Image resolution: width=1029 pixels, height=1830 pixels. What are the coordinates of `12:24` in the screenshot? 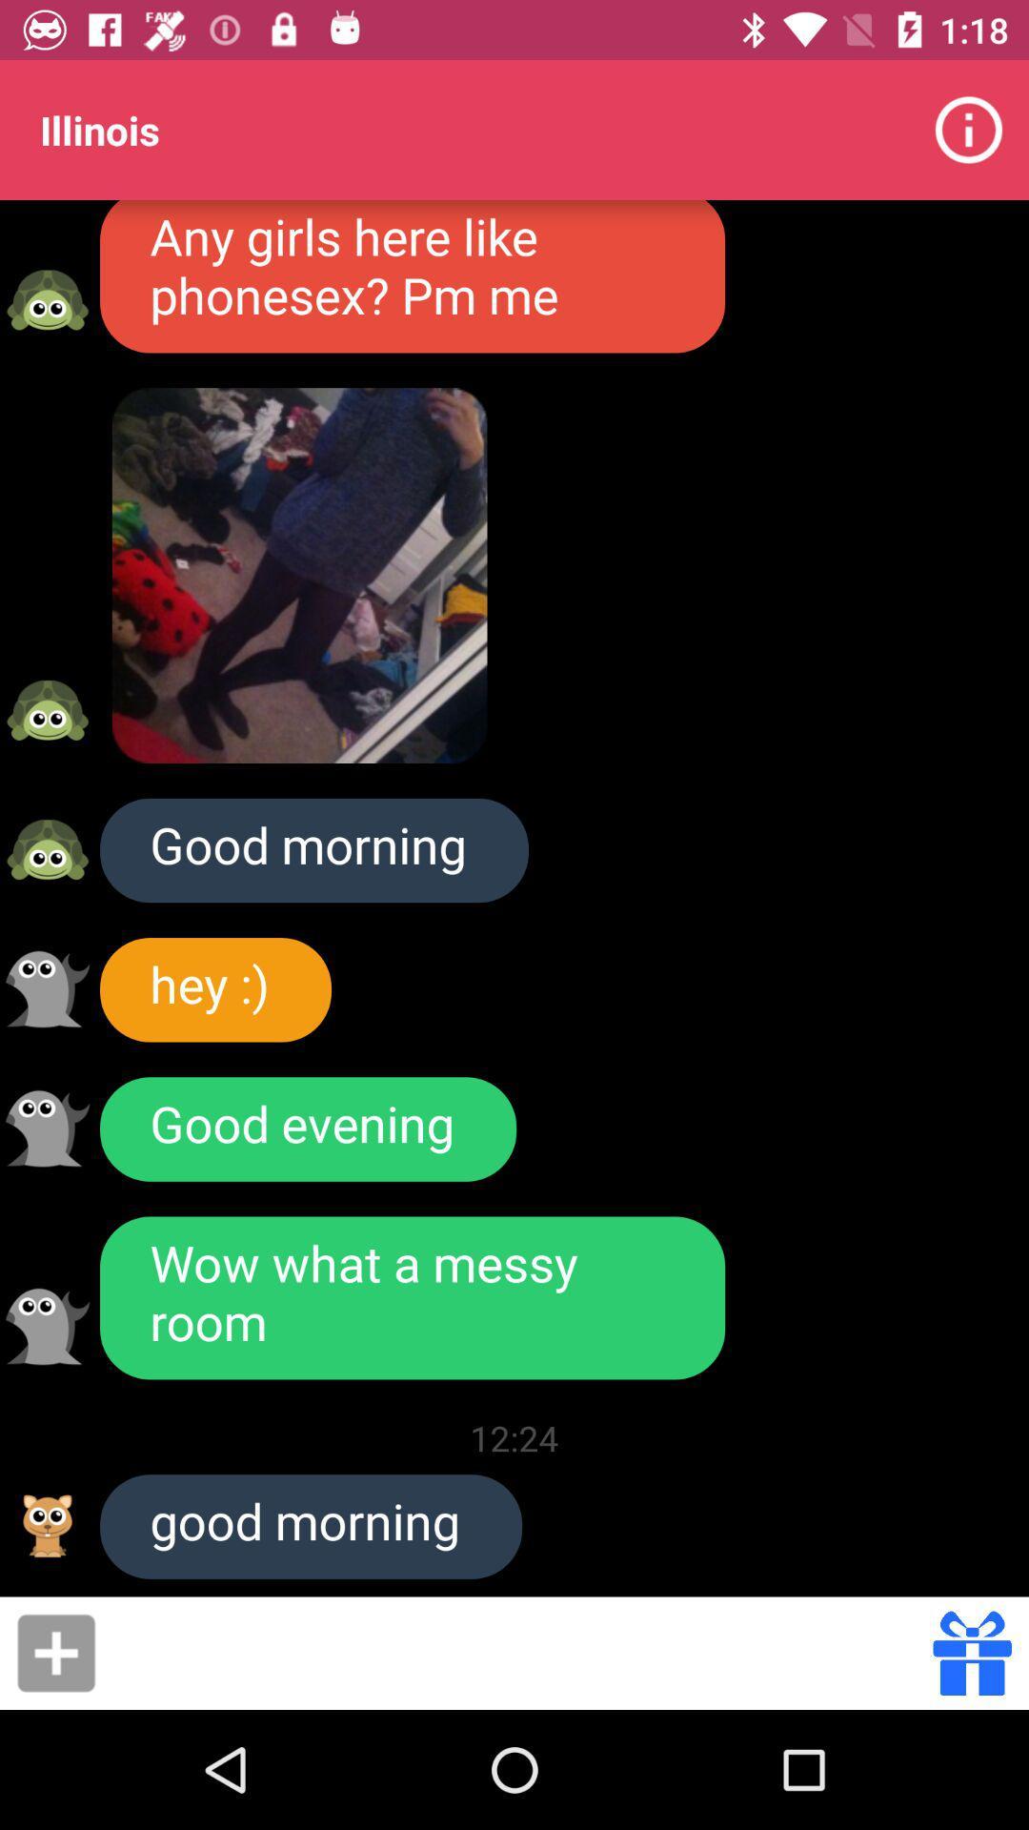 It's located at (514, 1437).